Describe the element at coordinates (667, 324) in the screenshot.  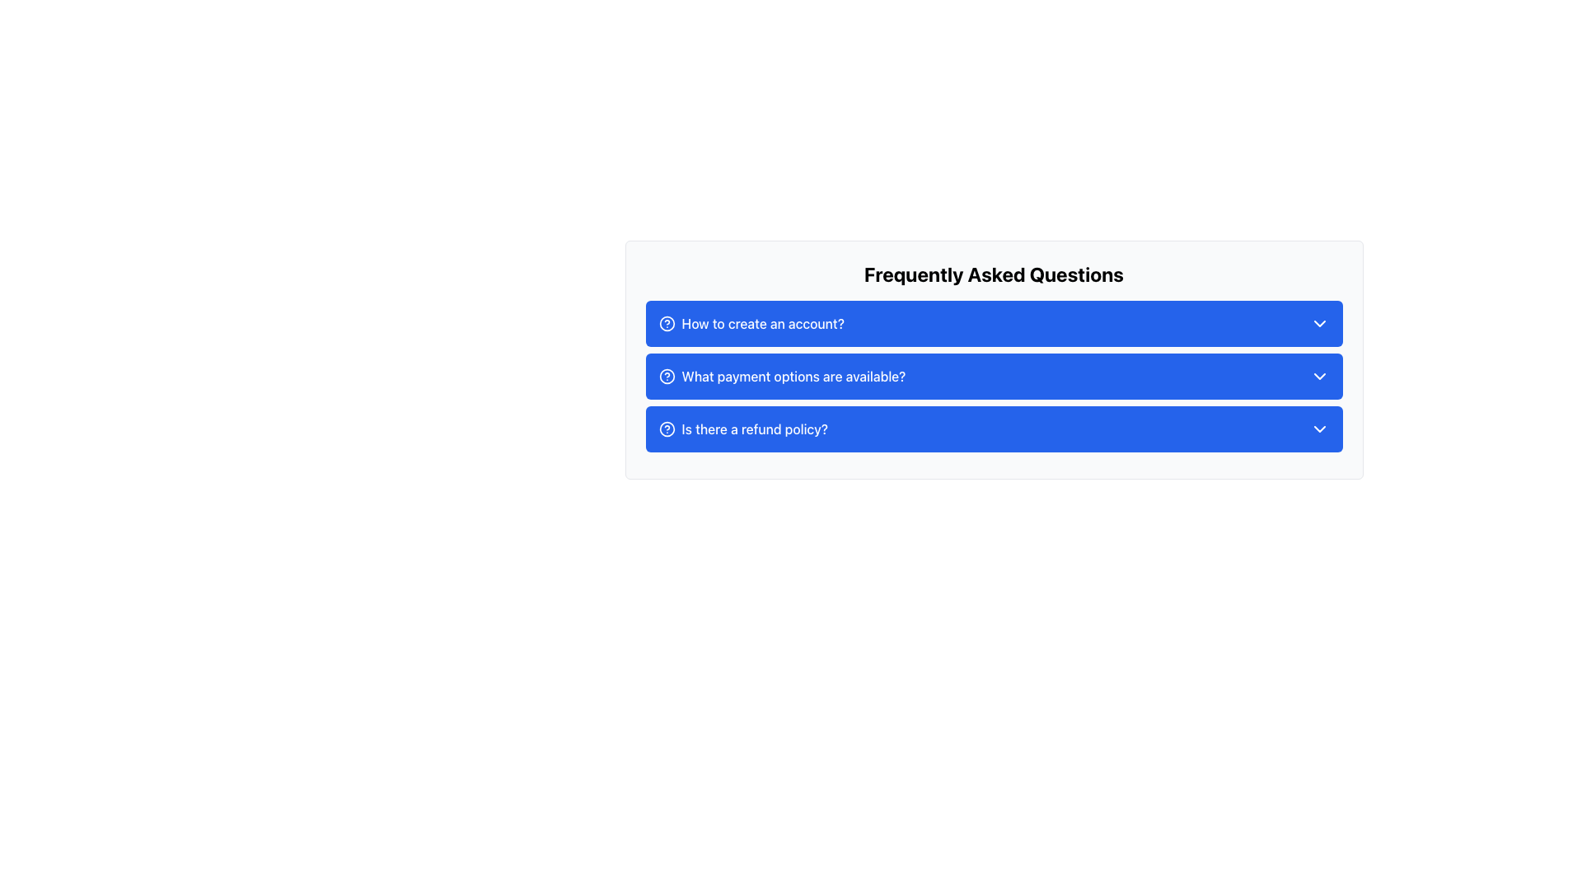
I see `the help icon, which is an SVG graphic resembling a question mark encased in a circle, located next to the text 'How to create an account?' in the list of questions` at that location.